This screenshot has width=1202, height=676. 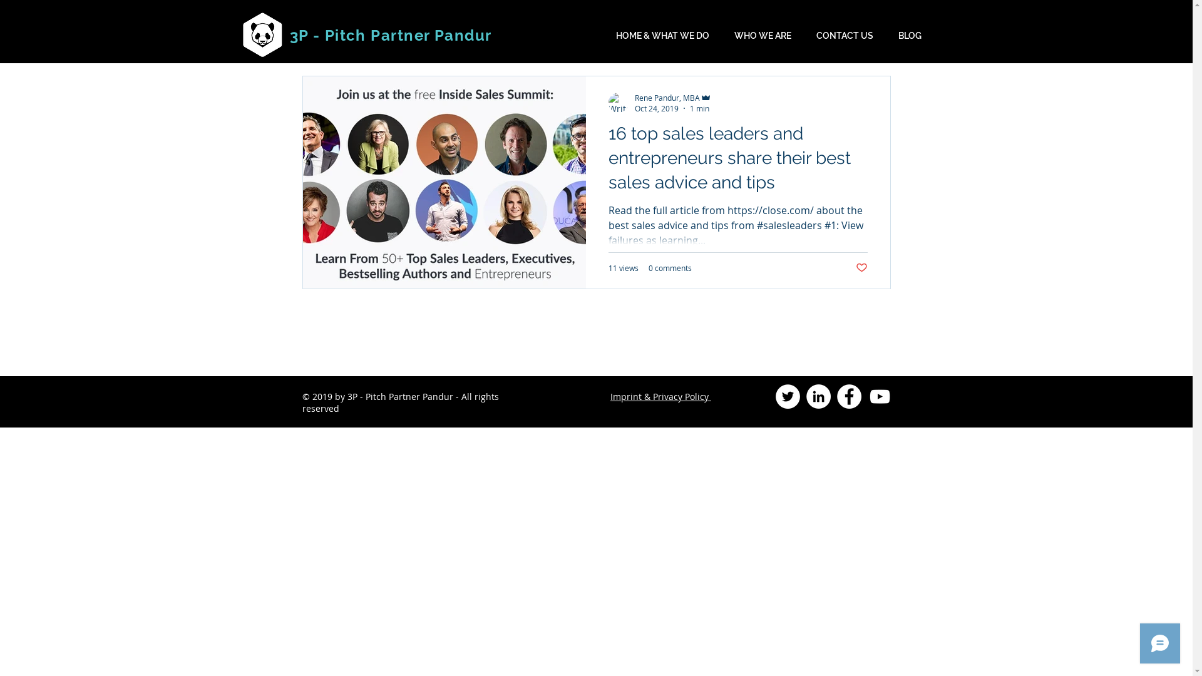 What do you see at coordinates (634, 96) in the screenshot?
I see `'Rene Pandur, MBA'` at bounding box center [634, 96].